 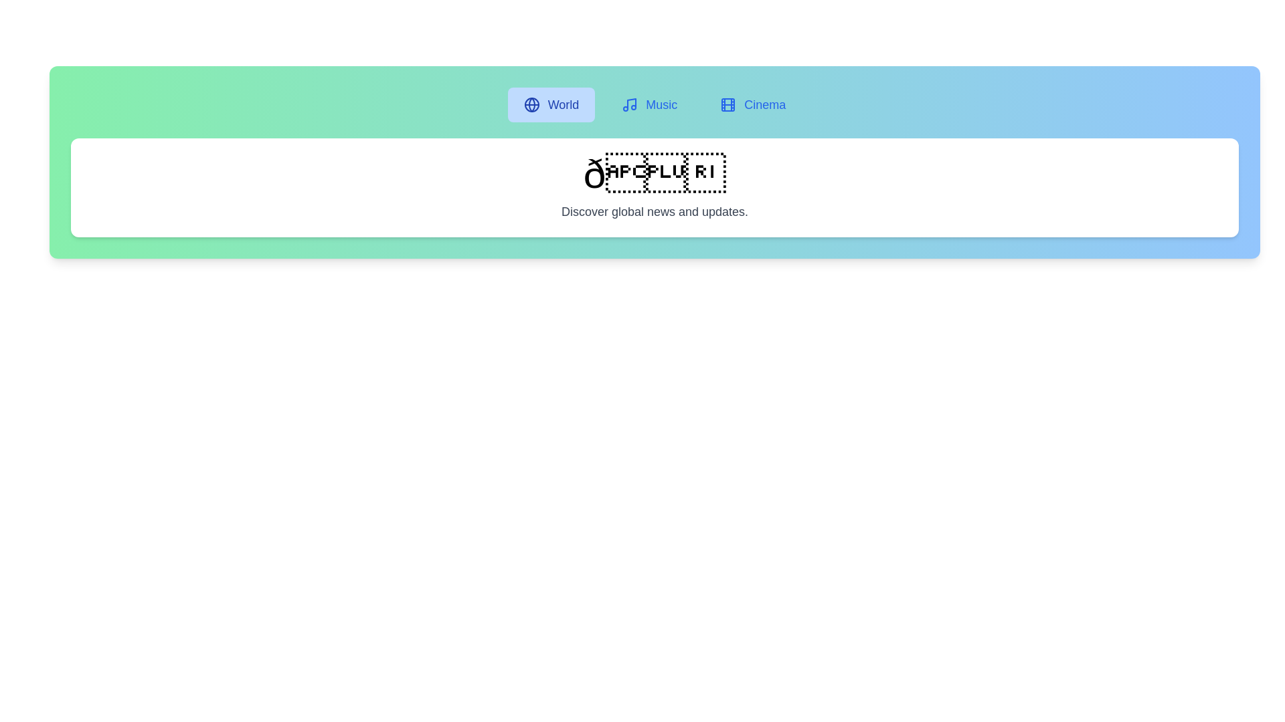 I want to click on the World tab, so click(x=551, y=104).